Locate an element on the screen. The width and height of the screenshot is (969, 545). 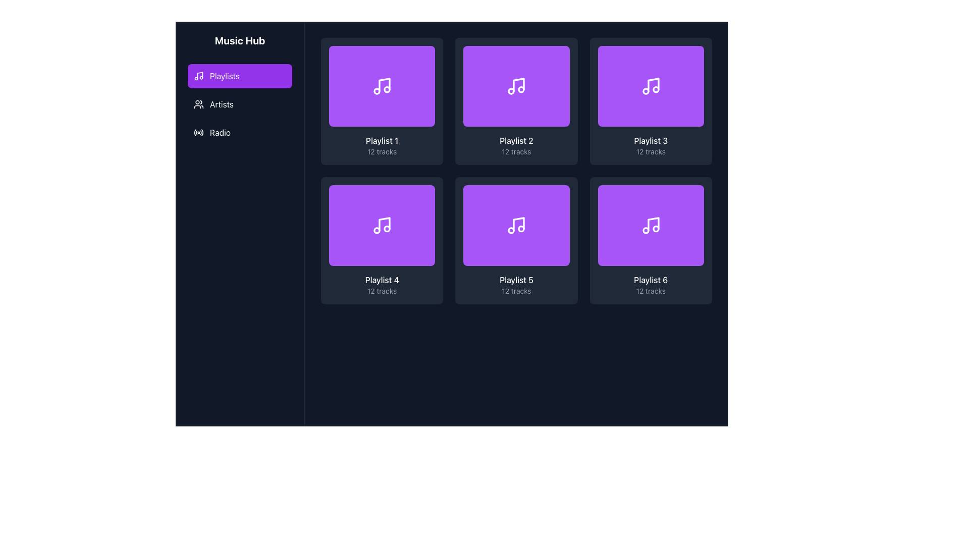
the navigational button located in the vertical sidebar under the 'Music Hub' header is located at coordinates (239, 89).